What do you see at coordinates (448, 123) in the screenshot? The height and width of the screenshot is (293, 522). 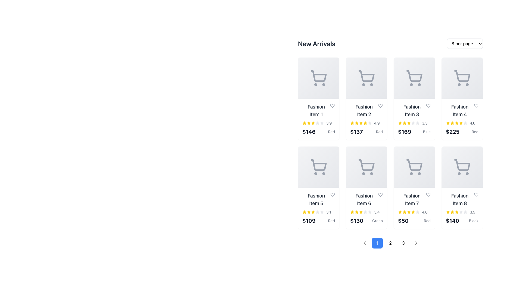 I see `the star icon located below the title 'Fashion Item 4'` at bounding box center [448, 123].